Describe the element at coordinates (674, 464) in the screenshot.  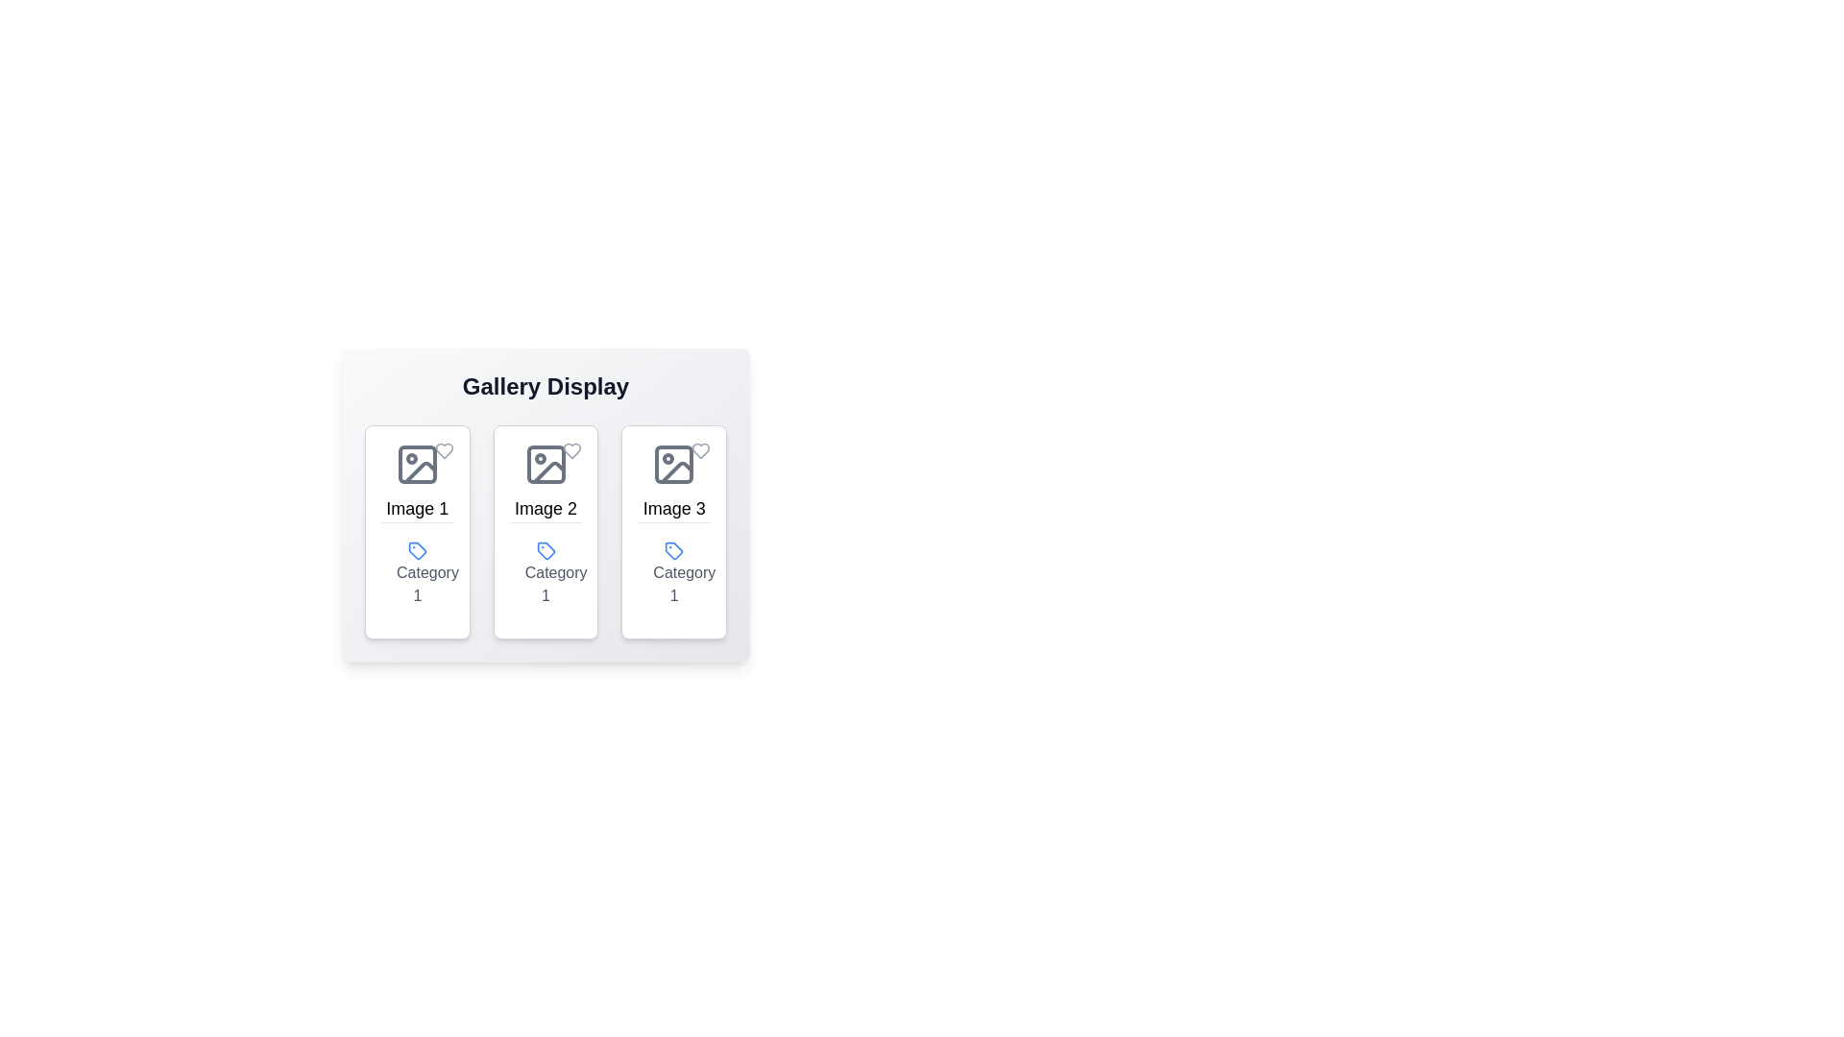
I see `the gray square background shape element located at the top-left corner of the third image placeholder in the gallery display` at that location.